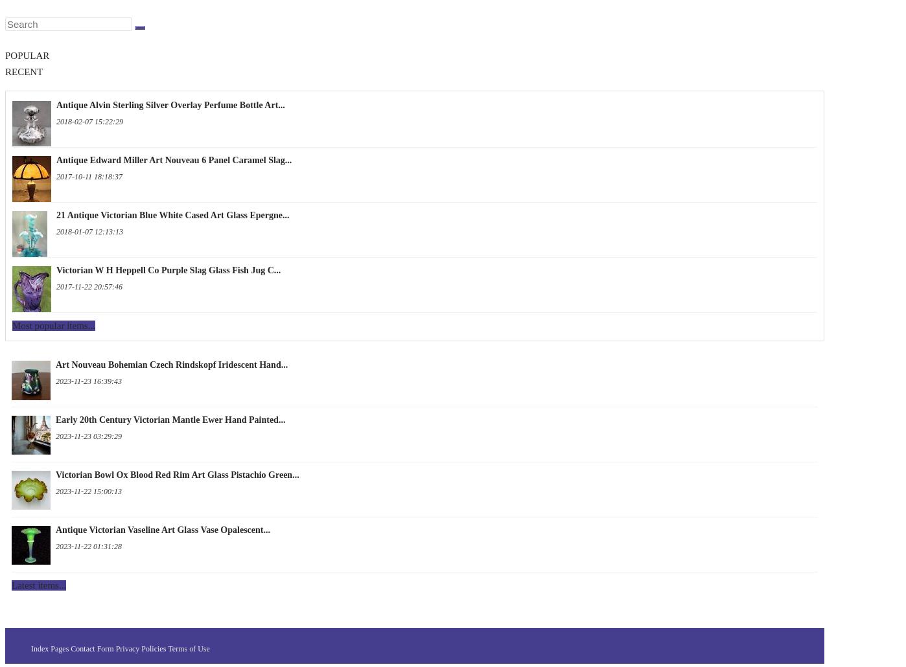 The image size is (906, 667). Describe the element at coordinates (89, 381) in the screenshot. I see `'2023-11-23 16:39:43'` at that location.